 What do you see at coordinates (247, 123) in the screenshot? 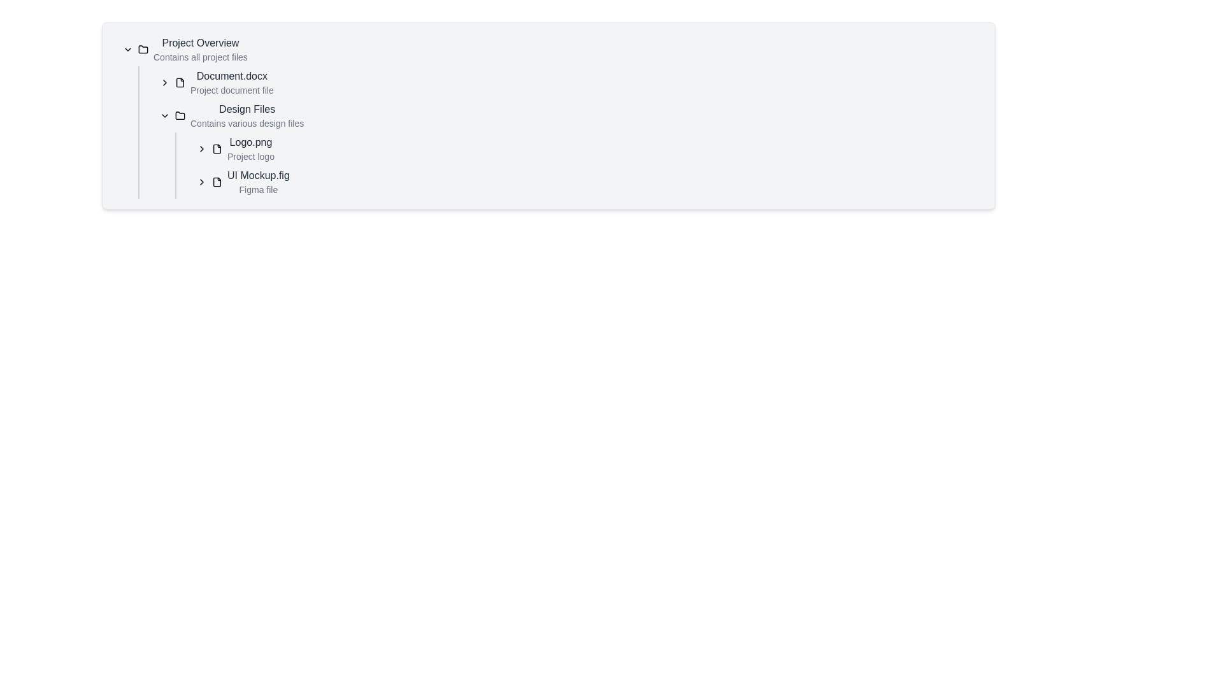
I see `the Text Label that provides context for the 'Design Files' section, located beneath the heading 'Design Files'` at bounding box center [247, 123].